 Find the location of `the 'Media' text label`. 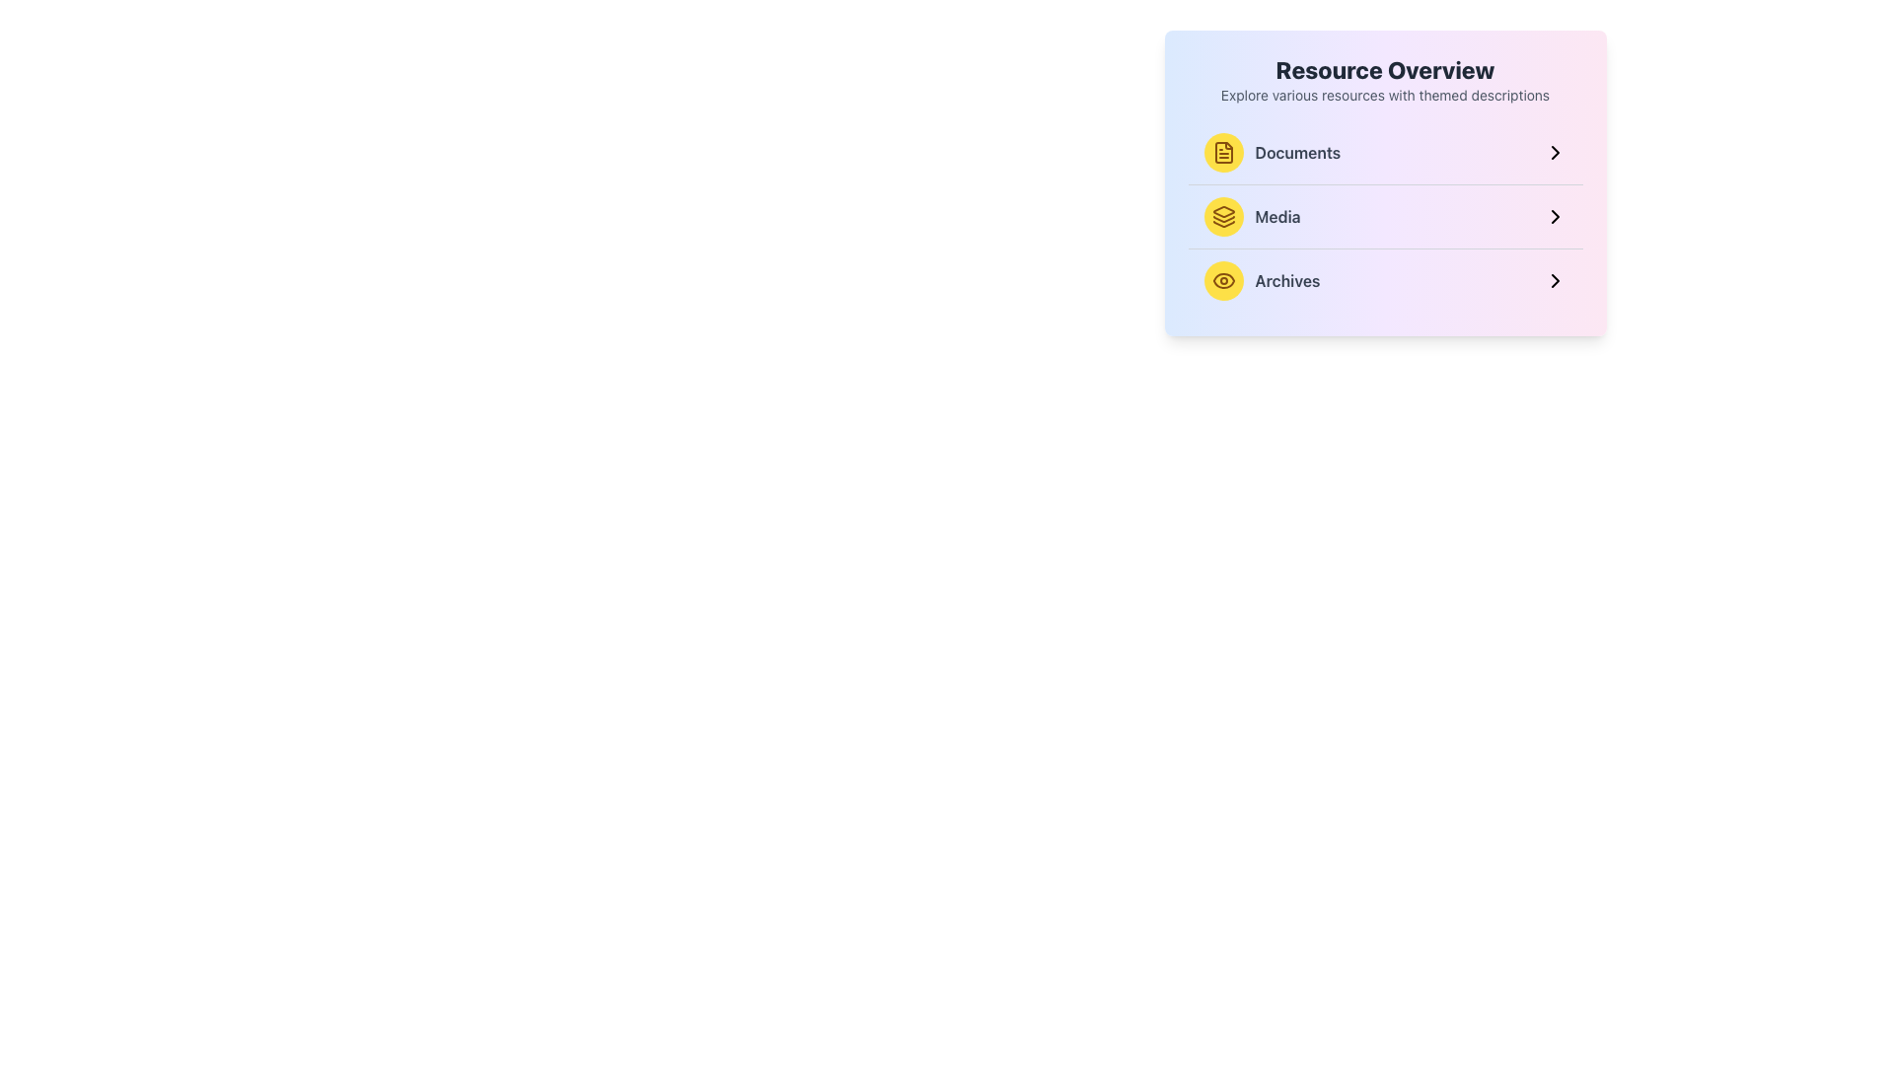

the 'Media' text label is located at coordinates (1277, 216).